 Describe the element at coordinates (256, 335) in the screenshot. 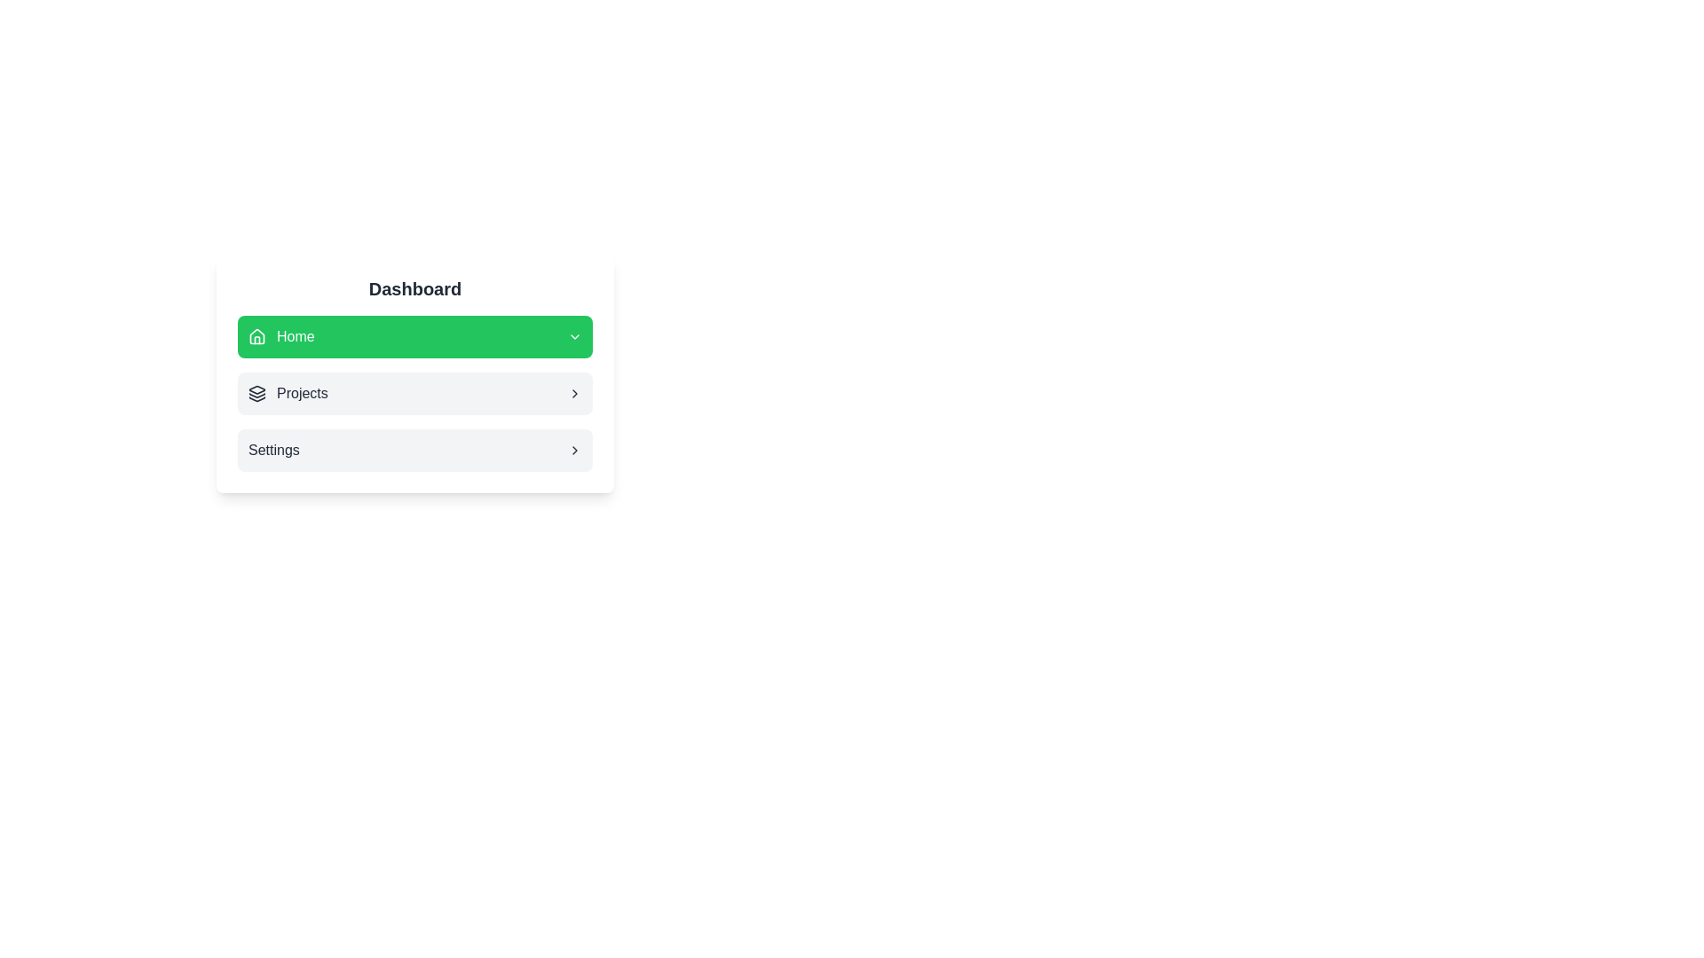

I see `the house-shaped outline icon located to the left of the 'Home' text label, which is near the top left corner of the green 'Home' button in the vertical menu` at that location.